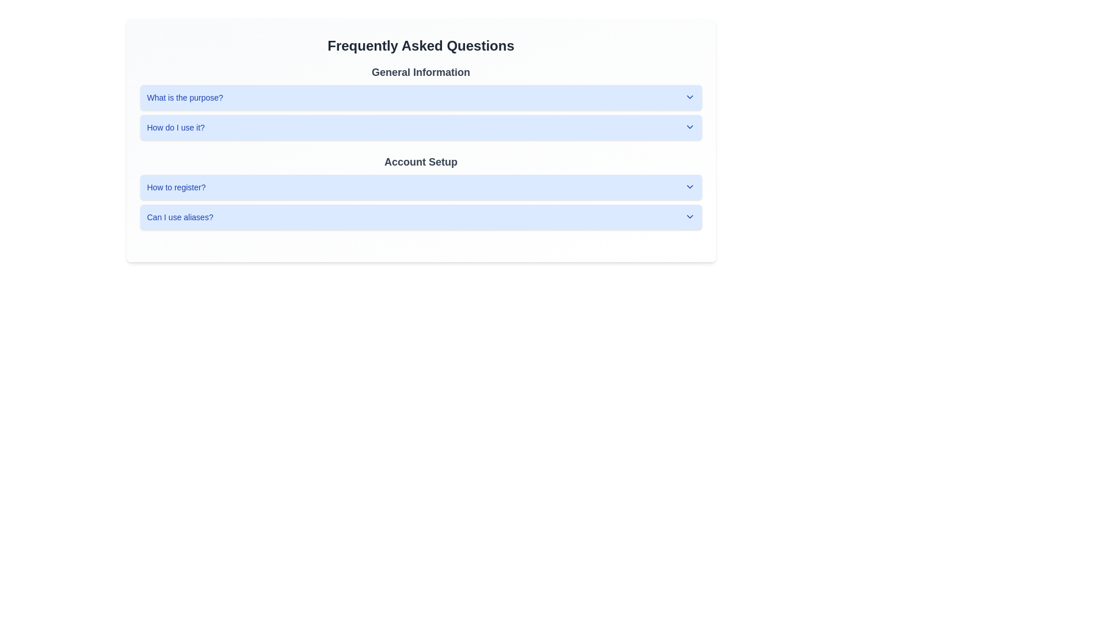 The height and width of the screenshot is (621, 1105). I want to click on the downward-pointing blue chevron icon located at the rightmost end of the highlighted text box containing the text 'How do I use it?', so click(689, 126).